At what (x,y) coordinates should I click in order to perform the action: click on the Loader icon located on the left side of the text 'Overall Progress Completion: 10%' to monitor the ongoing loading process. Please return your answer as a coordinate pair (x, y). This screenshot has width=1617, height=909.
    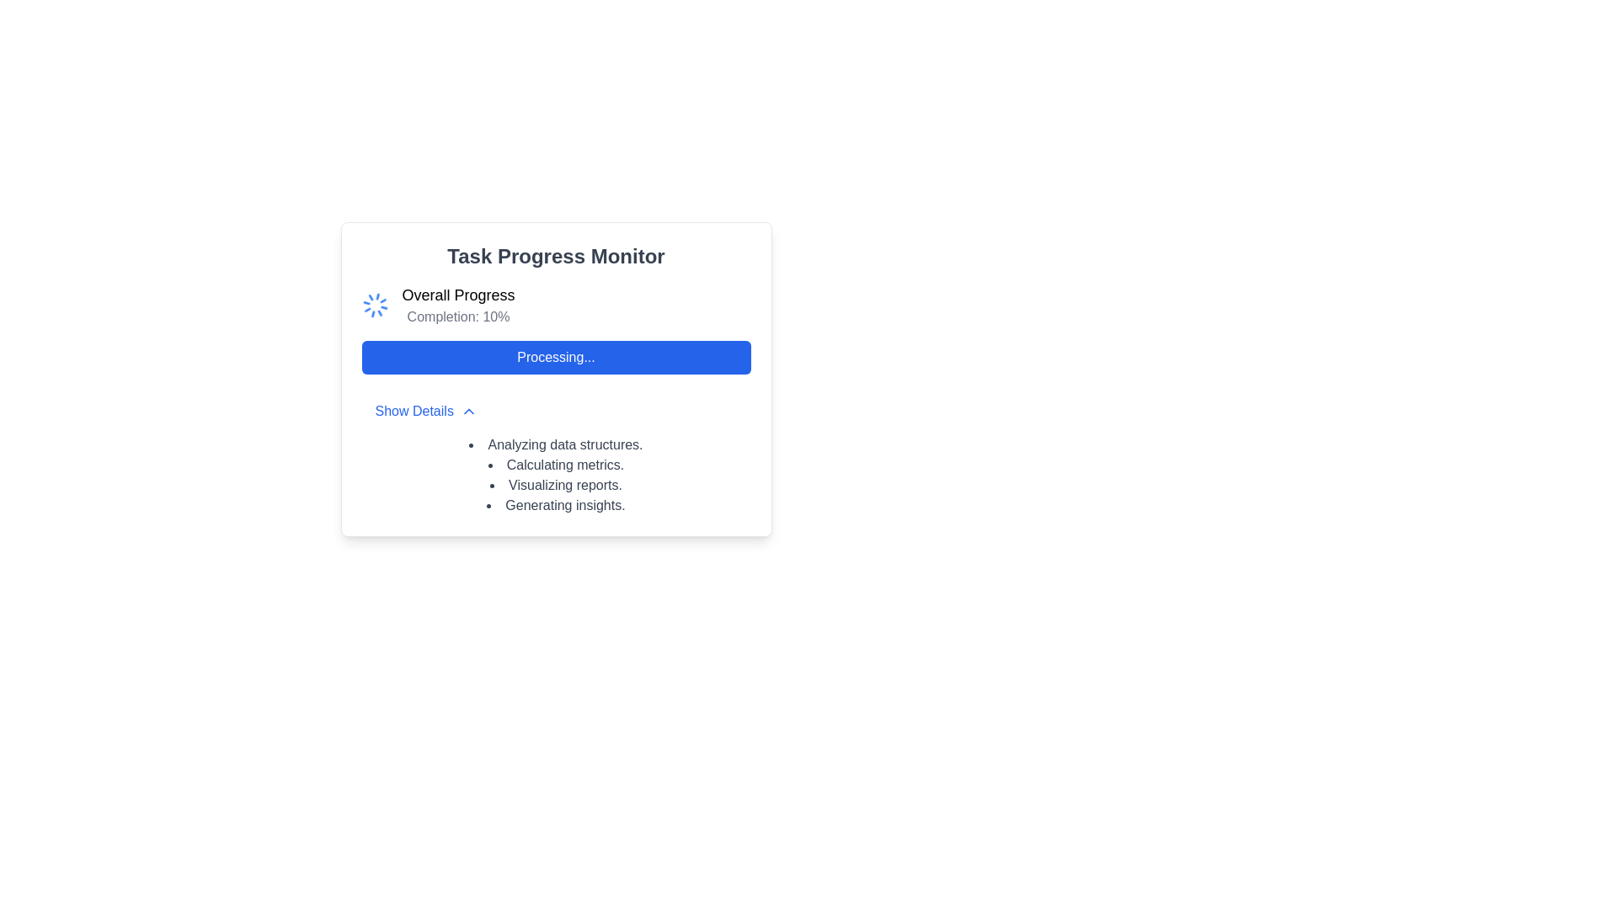
    Looking at the image, I should click on (374, 305).